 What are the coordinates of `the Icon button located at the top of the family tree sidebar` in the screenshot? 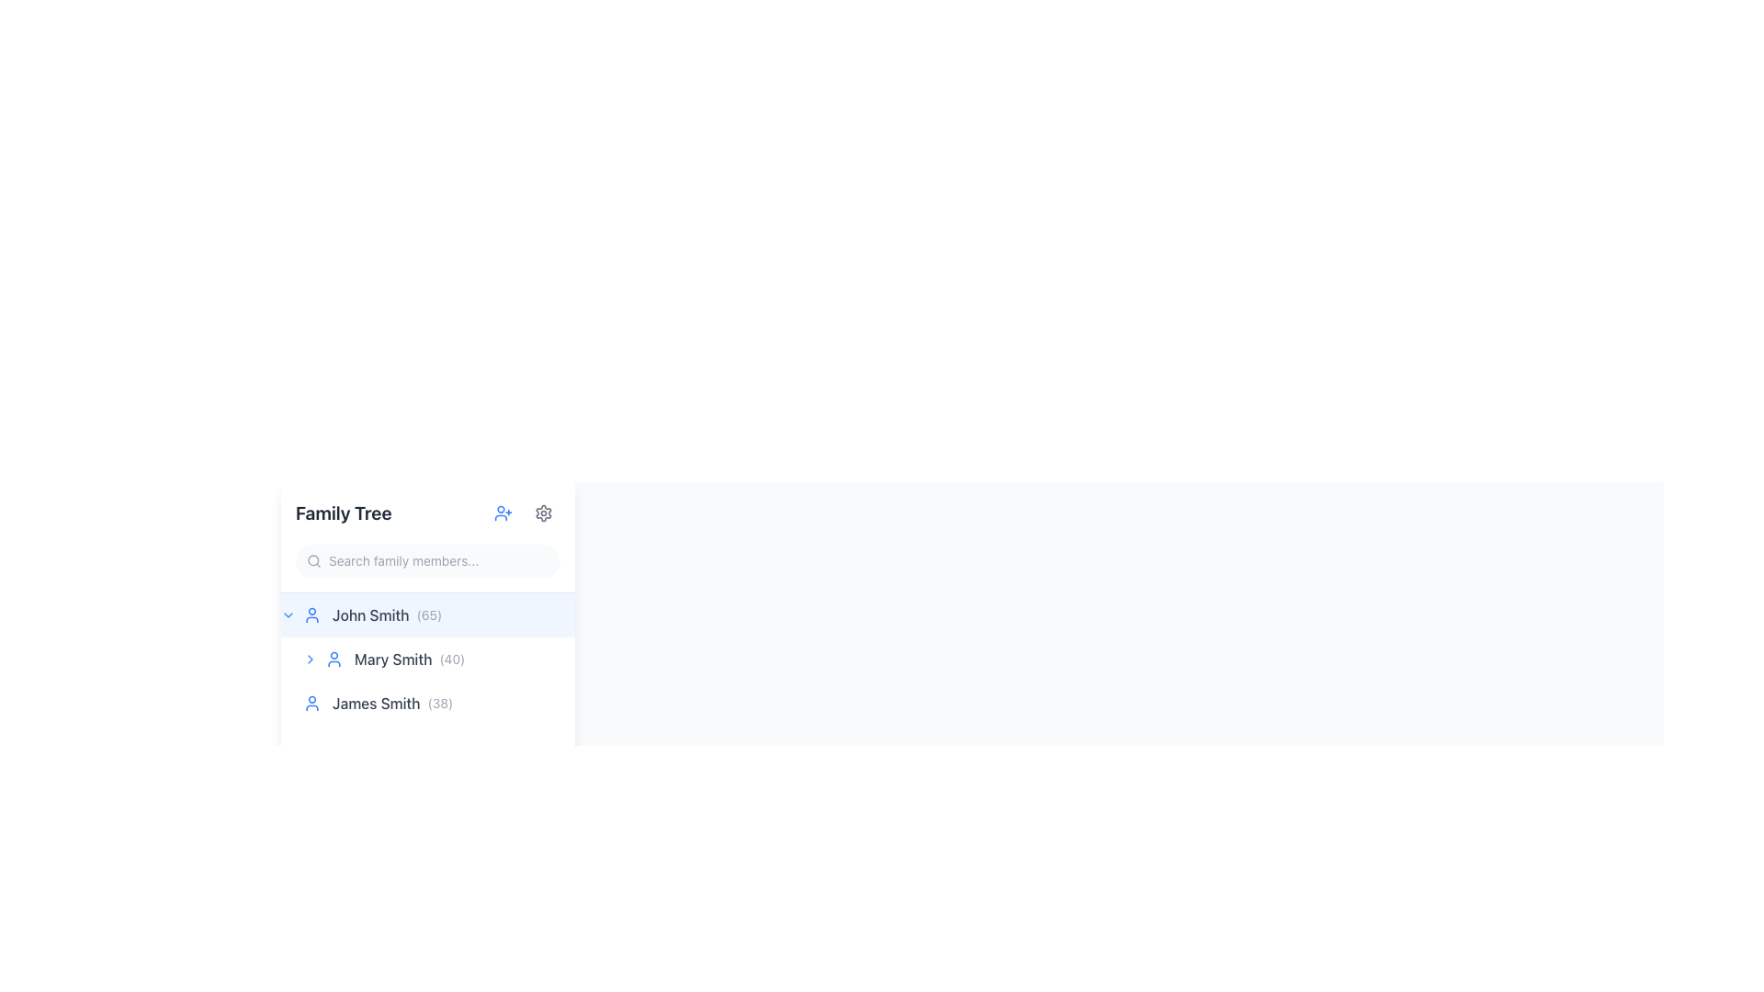 It's located at (503, 513).